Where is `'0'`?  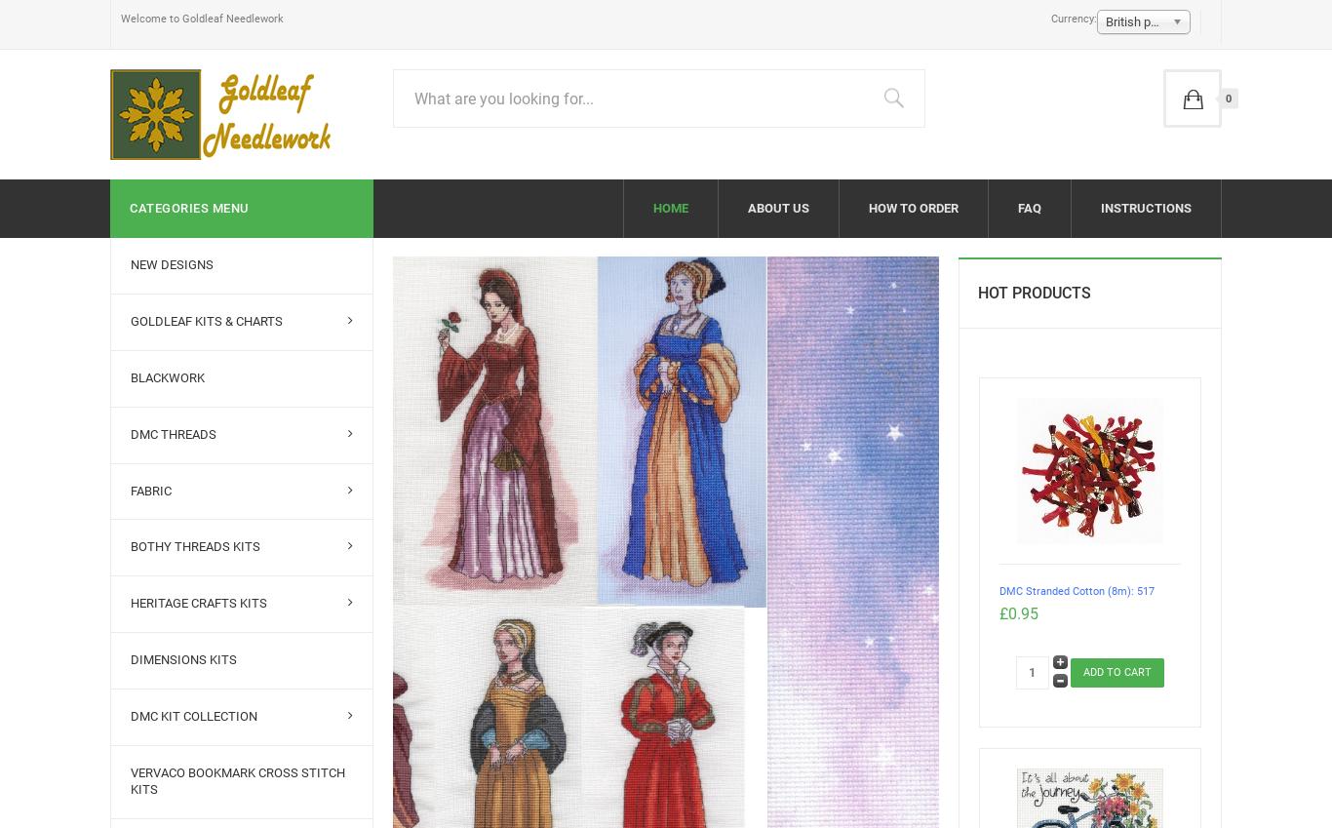
'0' is located at coordinates (1224, 97).